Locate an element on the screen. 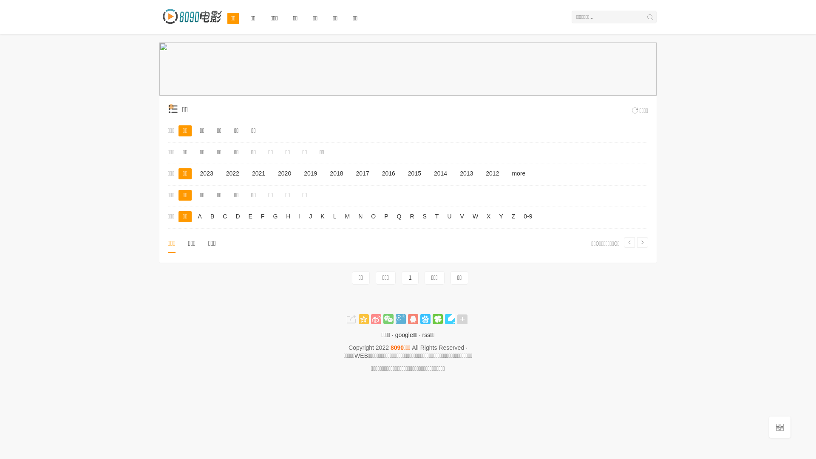 Image resolution: width=816 pixels, height=459 pixels. '2021' is located at coordinates (258, 173).